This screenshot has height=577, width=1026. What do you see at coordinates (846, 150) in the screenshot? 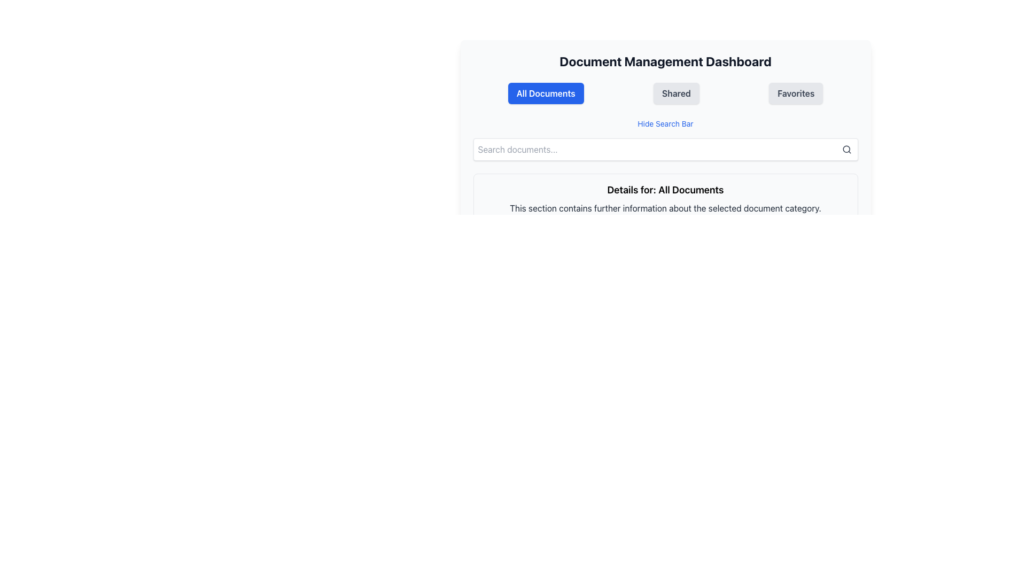
I see `the search icon located at the right edge of the input field` at bounding box center [846, 150].